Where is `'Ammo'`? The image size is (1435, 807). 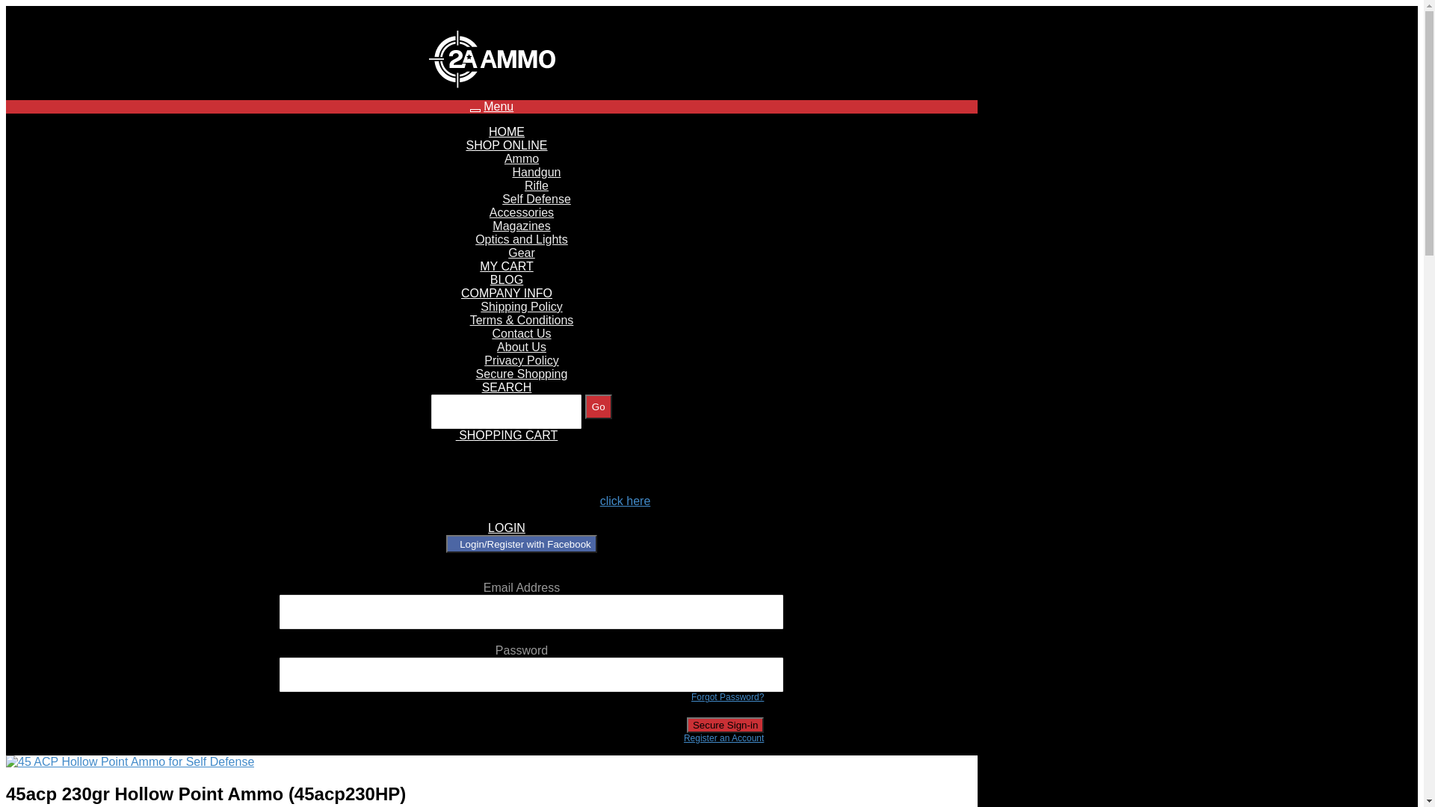 'Ammo' is located at coordinates (521, 158).